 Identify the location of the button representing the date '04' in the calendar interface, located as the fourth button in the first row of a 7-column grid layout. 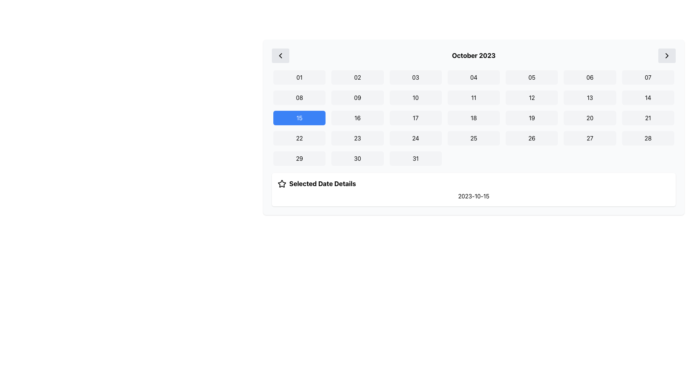
(473, 77).